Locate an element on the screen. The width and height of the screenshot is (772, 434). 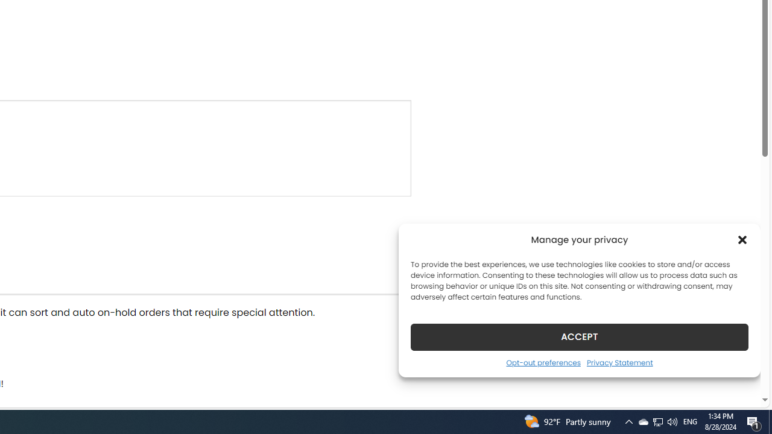
'ACCEPT' is located at coordinates (580, 336).